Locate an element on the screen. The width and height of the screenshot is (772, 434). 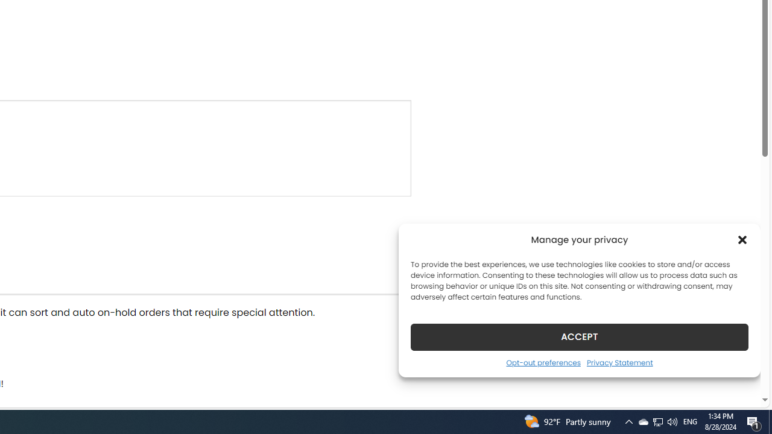
'ACCEPT' is located at coordinates (580, 336).